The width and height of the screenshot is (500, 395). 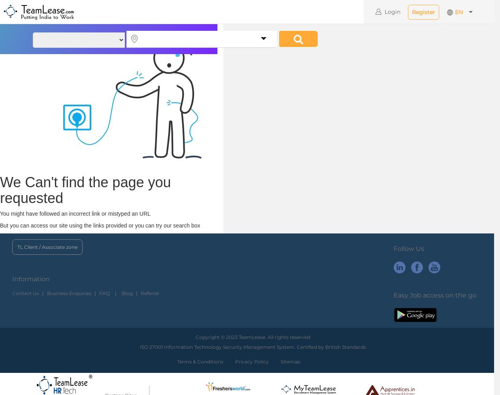 What do you see at coordinates (392, 12) in the screenshot?
I see `'Login'` at bounding box center [392, 12].